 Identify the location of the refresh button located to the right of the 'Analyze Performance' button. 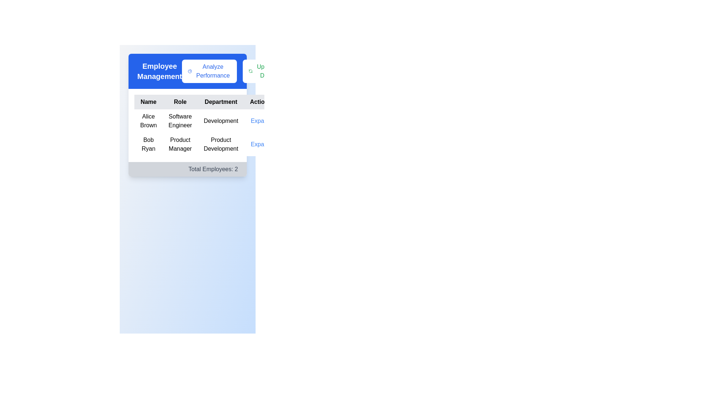
(263, 71).